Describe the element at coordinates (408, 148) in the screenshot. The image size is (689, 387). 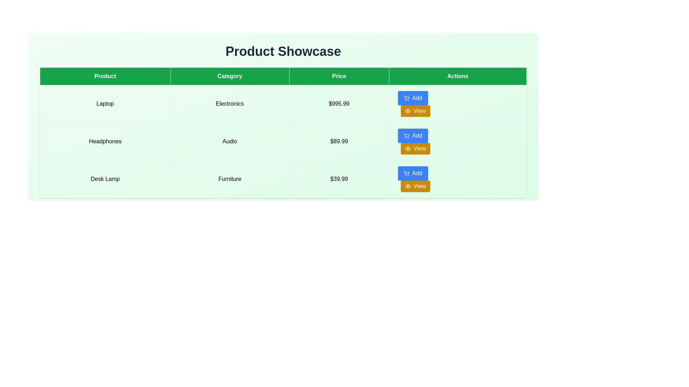
I see `the curved line segment of the eye-like SVG icon located within the 'View' button in the 'Actions' column of the first row in the 'Product Showcase' data table` at that location.